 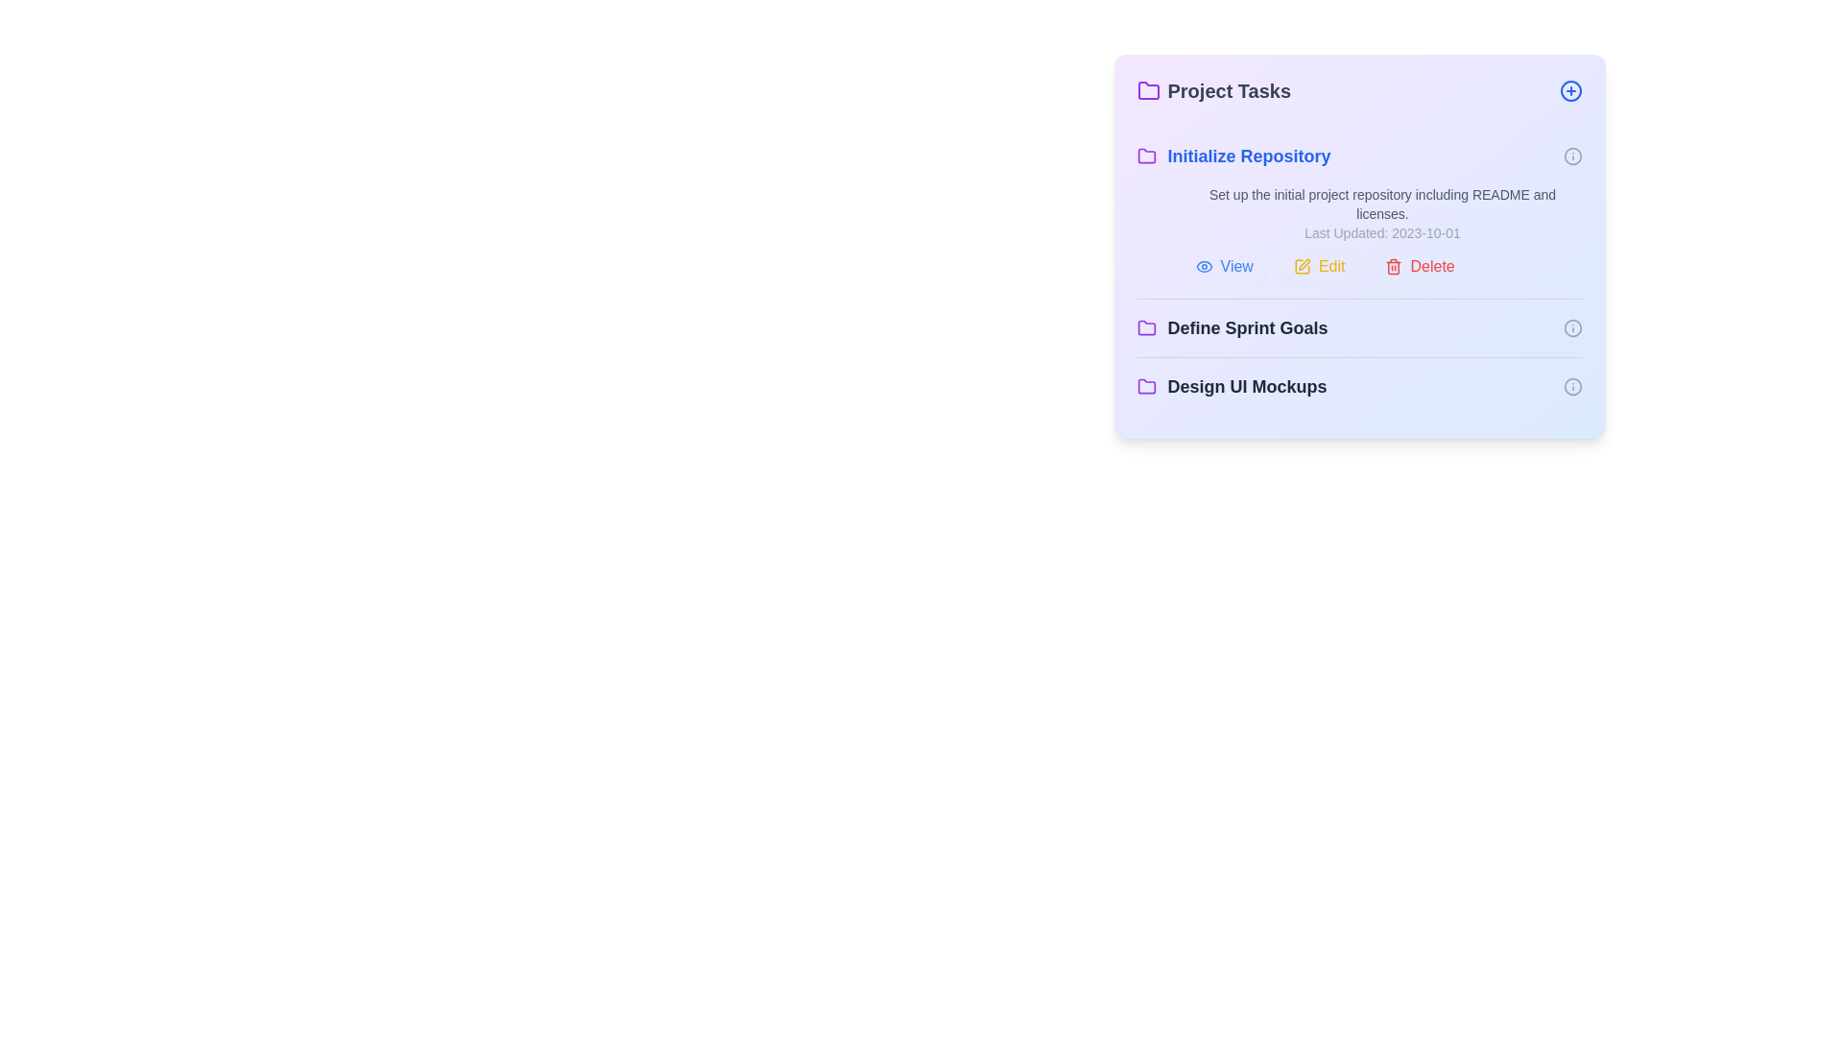 I want to click on the 'Design UI Mockups' task item in the Project Task section, so click(x=1232, y=386).